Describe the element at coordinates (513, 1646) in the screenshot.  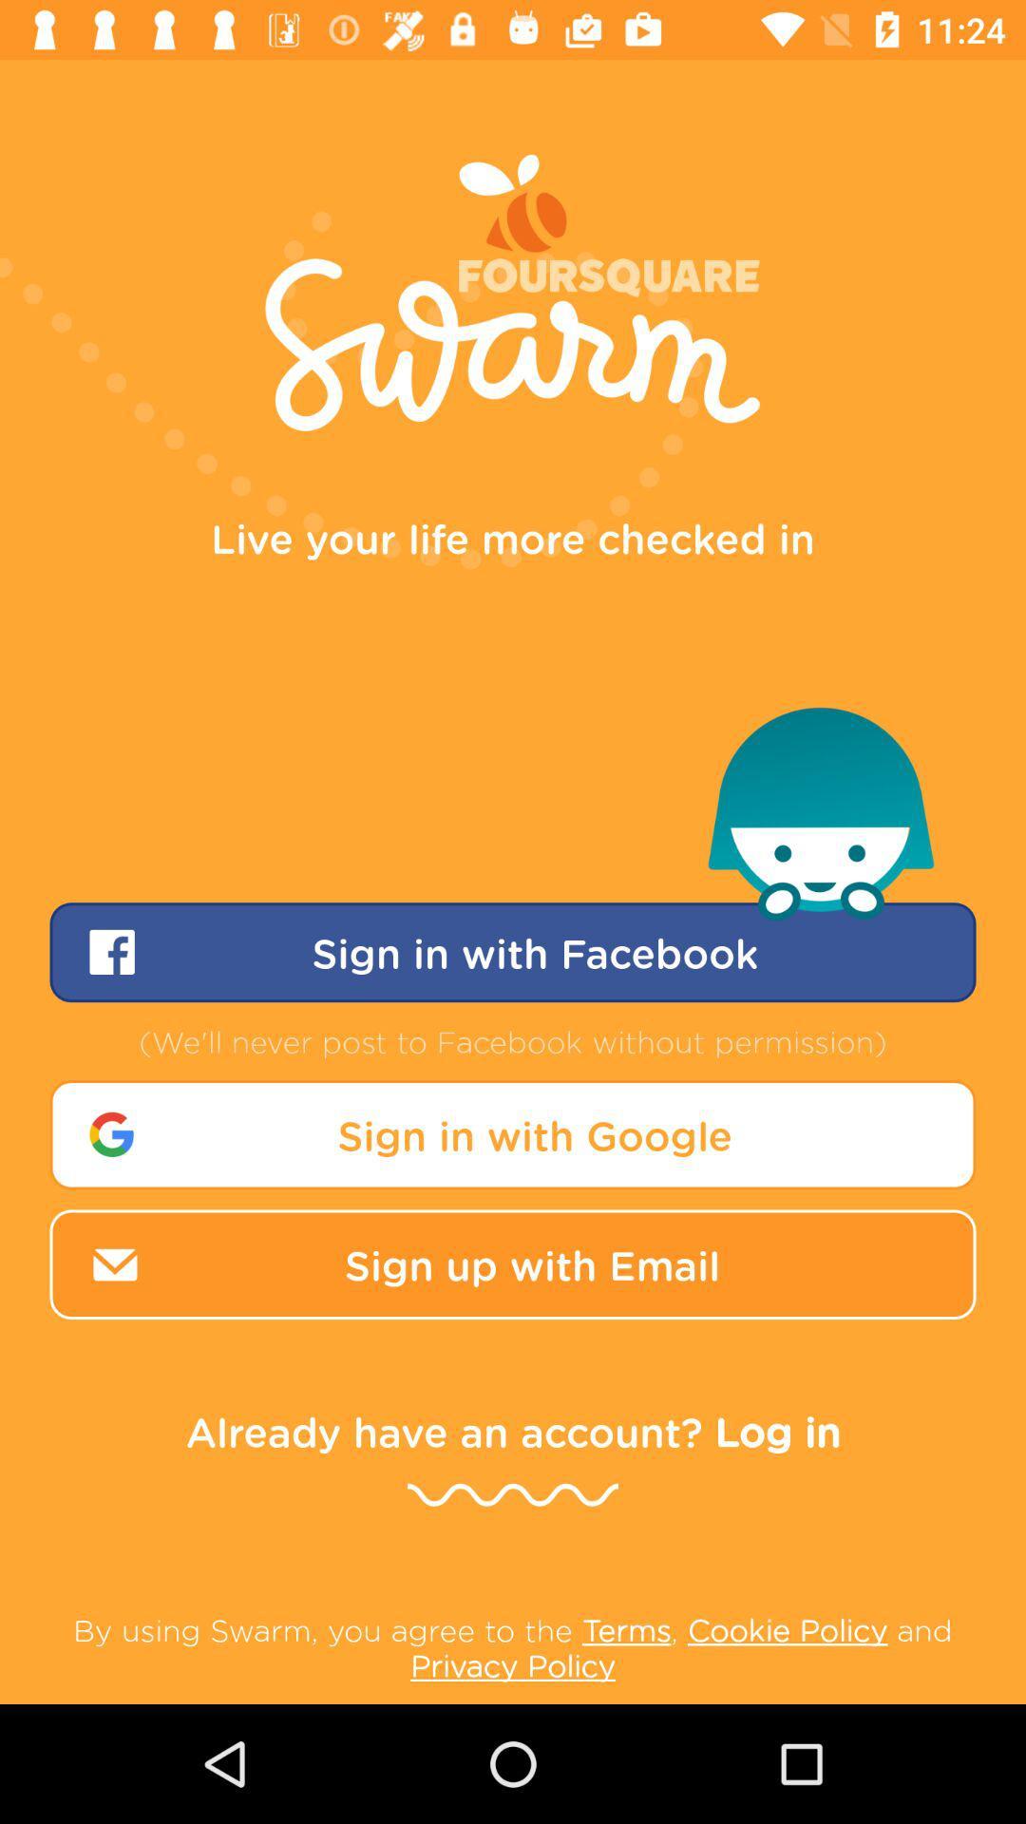
I see `the by using swarm icon` at that location.